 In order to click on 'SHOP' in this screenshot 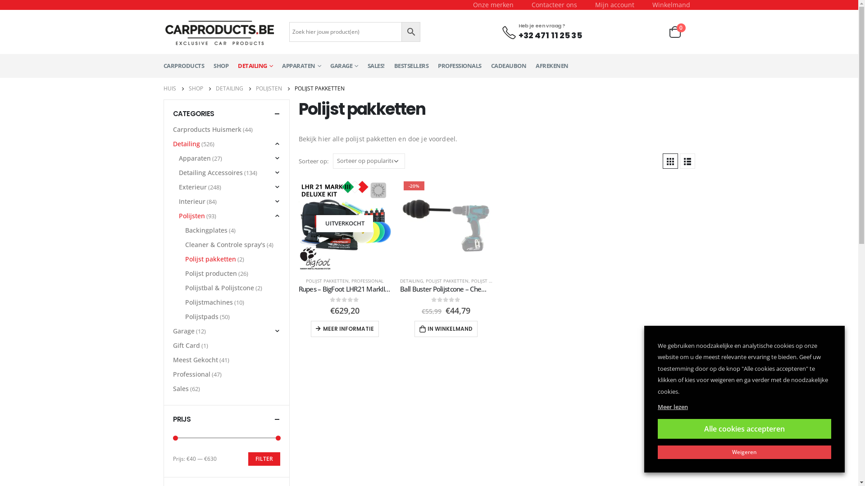, I will do `click(187, 88)`.